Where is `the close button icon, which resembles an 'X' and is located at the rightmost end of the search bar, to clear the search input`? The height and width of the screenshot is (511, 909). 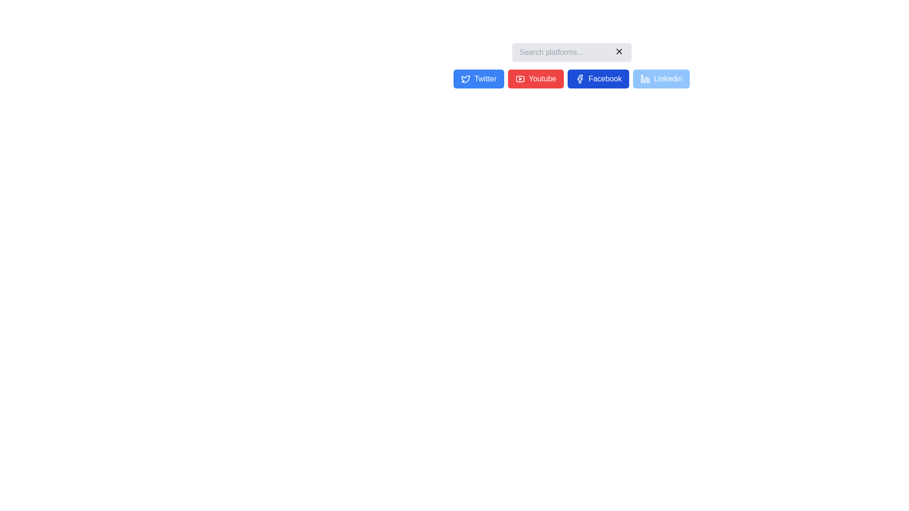
the close button icon, which resembles an 'X' and is located at the rightmost end of the search bar, to clear the search input is located at coordinates (619, 51).